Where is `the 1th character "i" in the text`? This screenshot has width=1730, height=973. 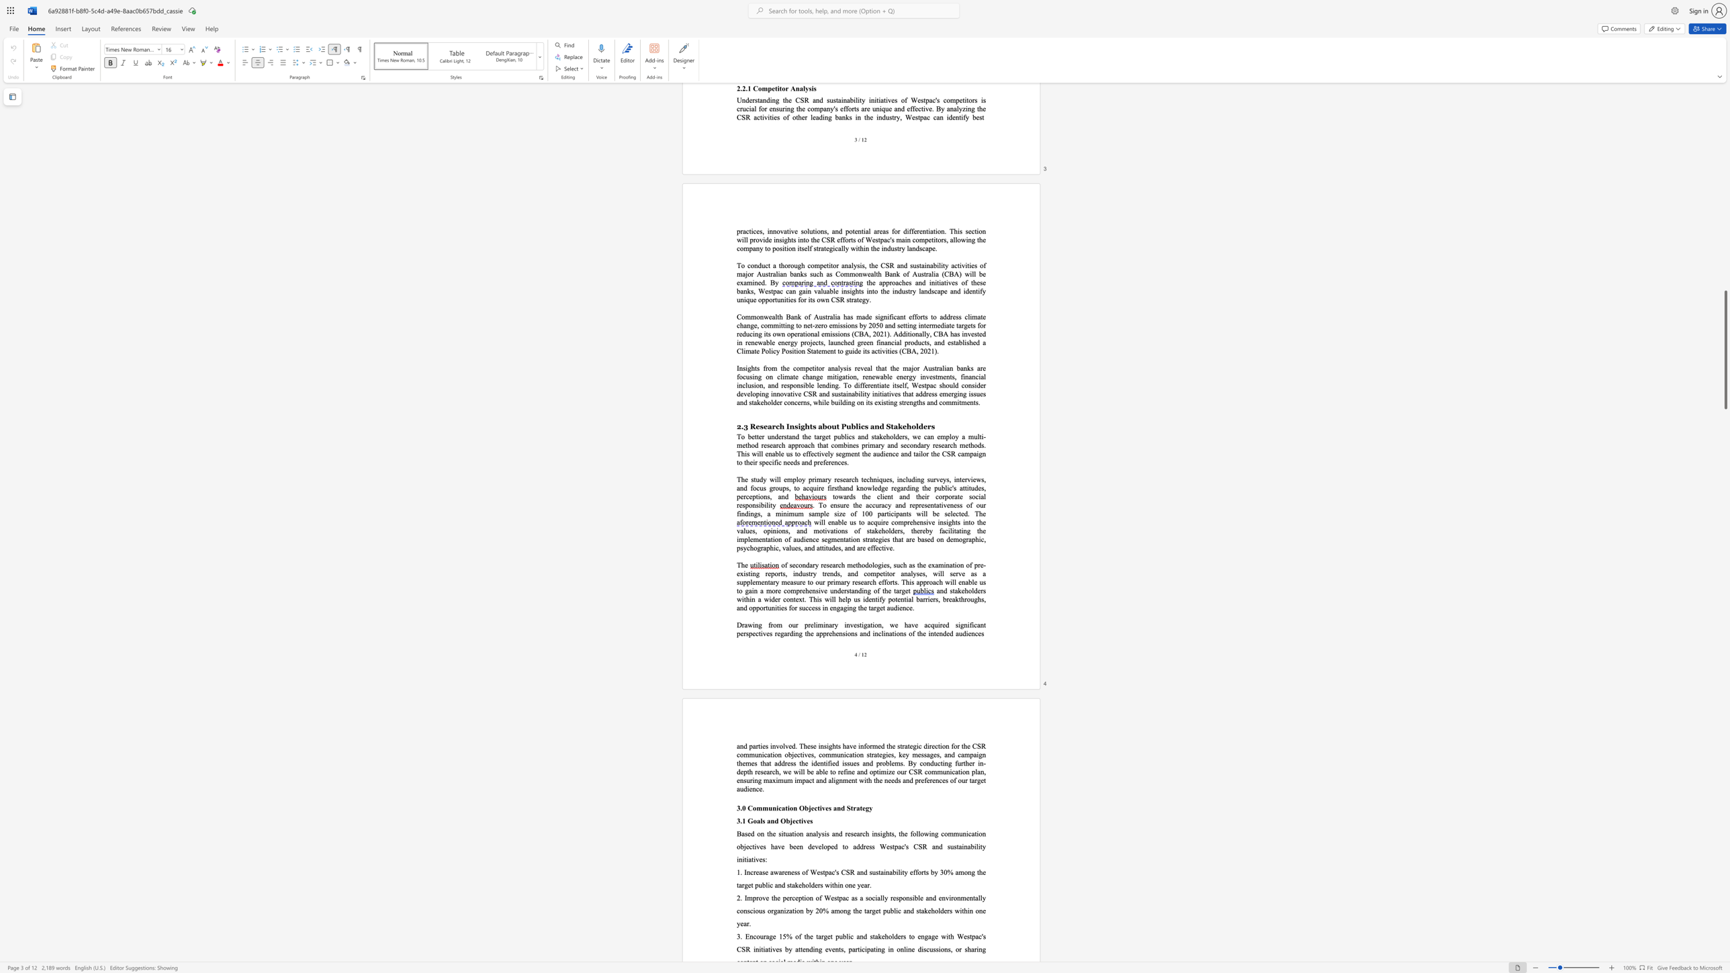 the 1th character "i" in the text is located at coordinates (819, 521).